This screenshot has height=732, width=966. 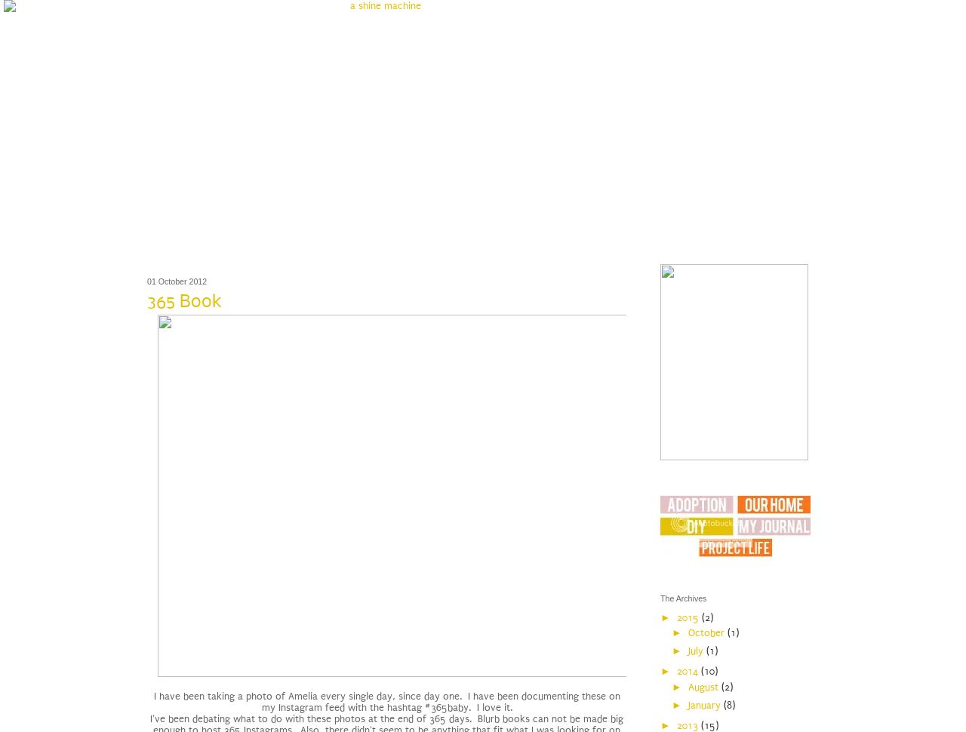 I want to click on 'January', so click(x=686, y=703).